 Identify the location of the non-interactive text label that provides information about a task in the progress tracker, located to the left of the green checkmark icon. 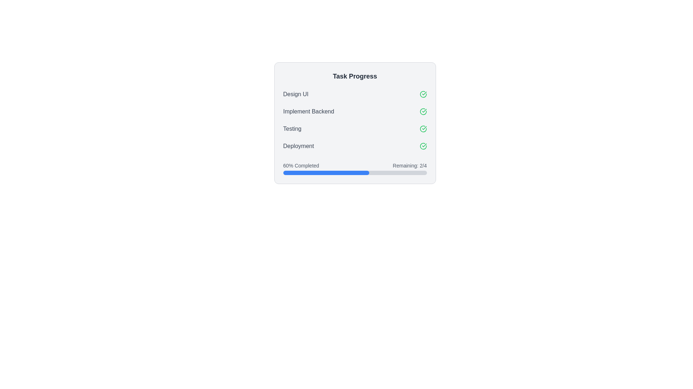
(292, 129).